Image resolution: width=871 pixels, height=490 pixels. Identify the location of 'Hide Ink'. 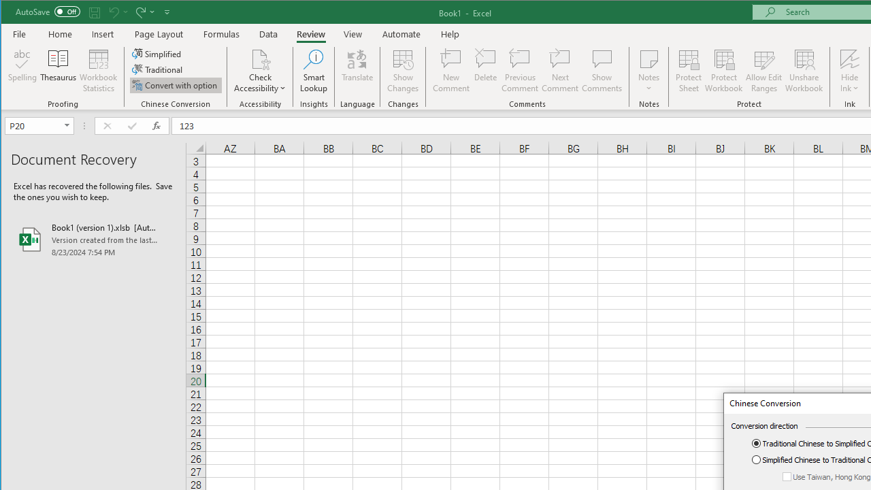
(849, 71).